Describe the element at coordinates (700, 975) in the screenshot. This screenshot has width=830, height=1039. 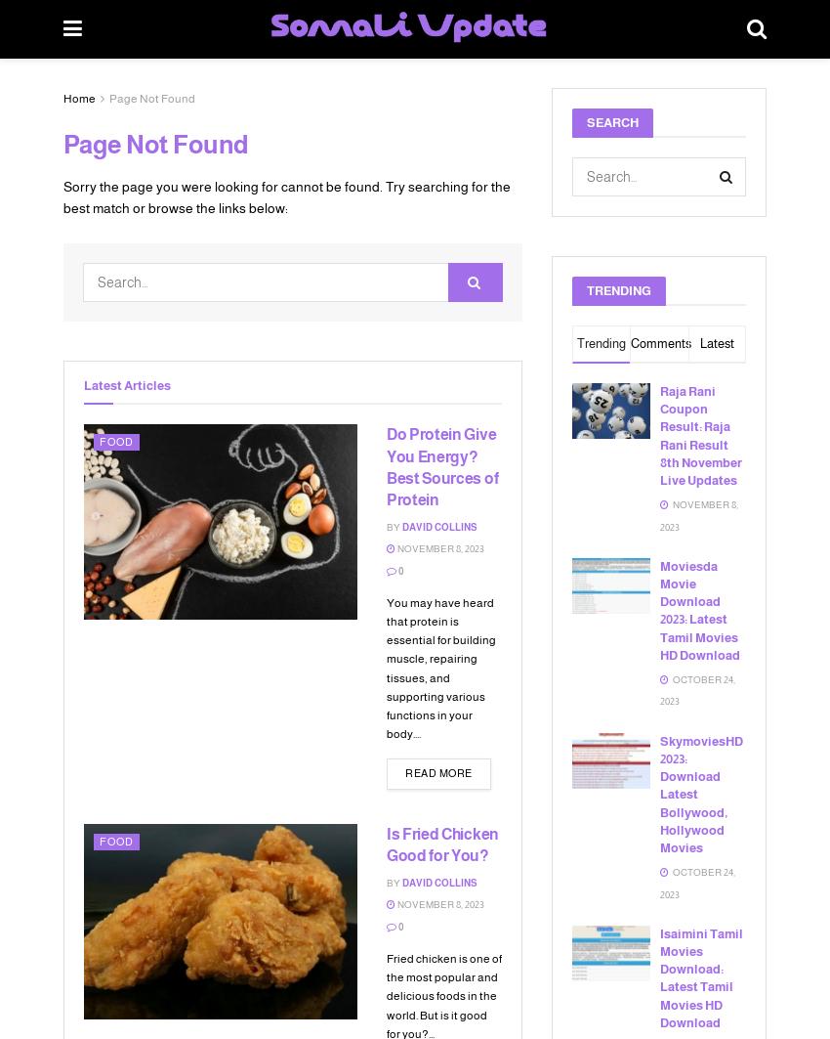
I see `'Isaimini Tamil Movies Download: Latest Tamil Movies HD Download'` at that location.